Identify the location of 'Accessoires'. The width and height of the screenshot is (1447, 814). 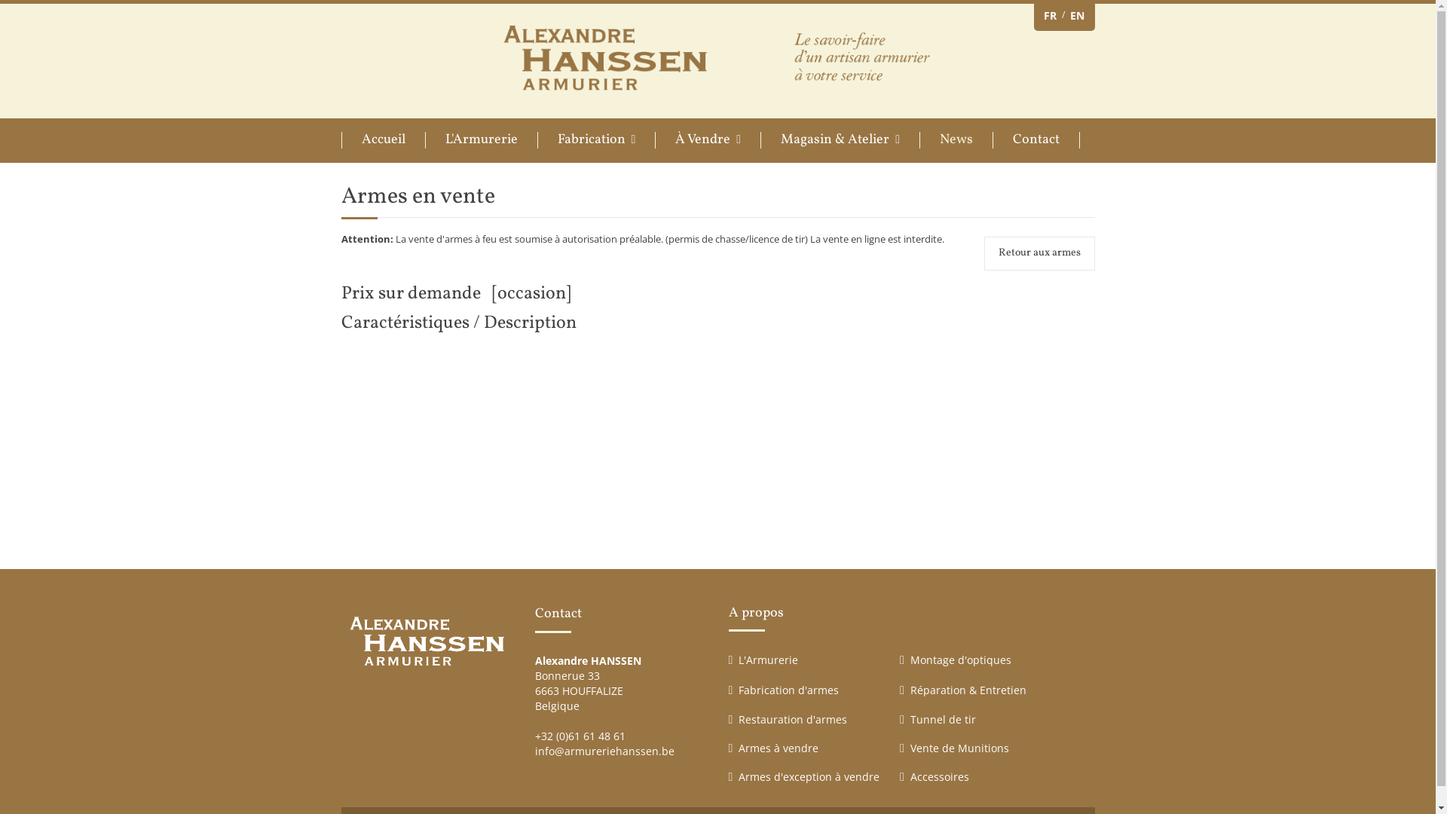
(939, 776).